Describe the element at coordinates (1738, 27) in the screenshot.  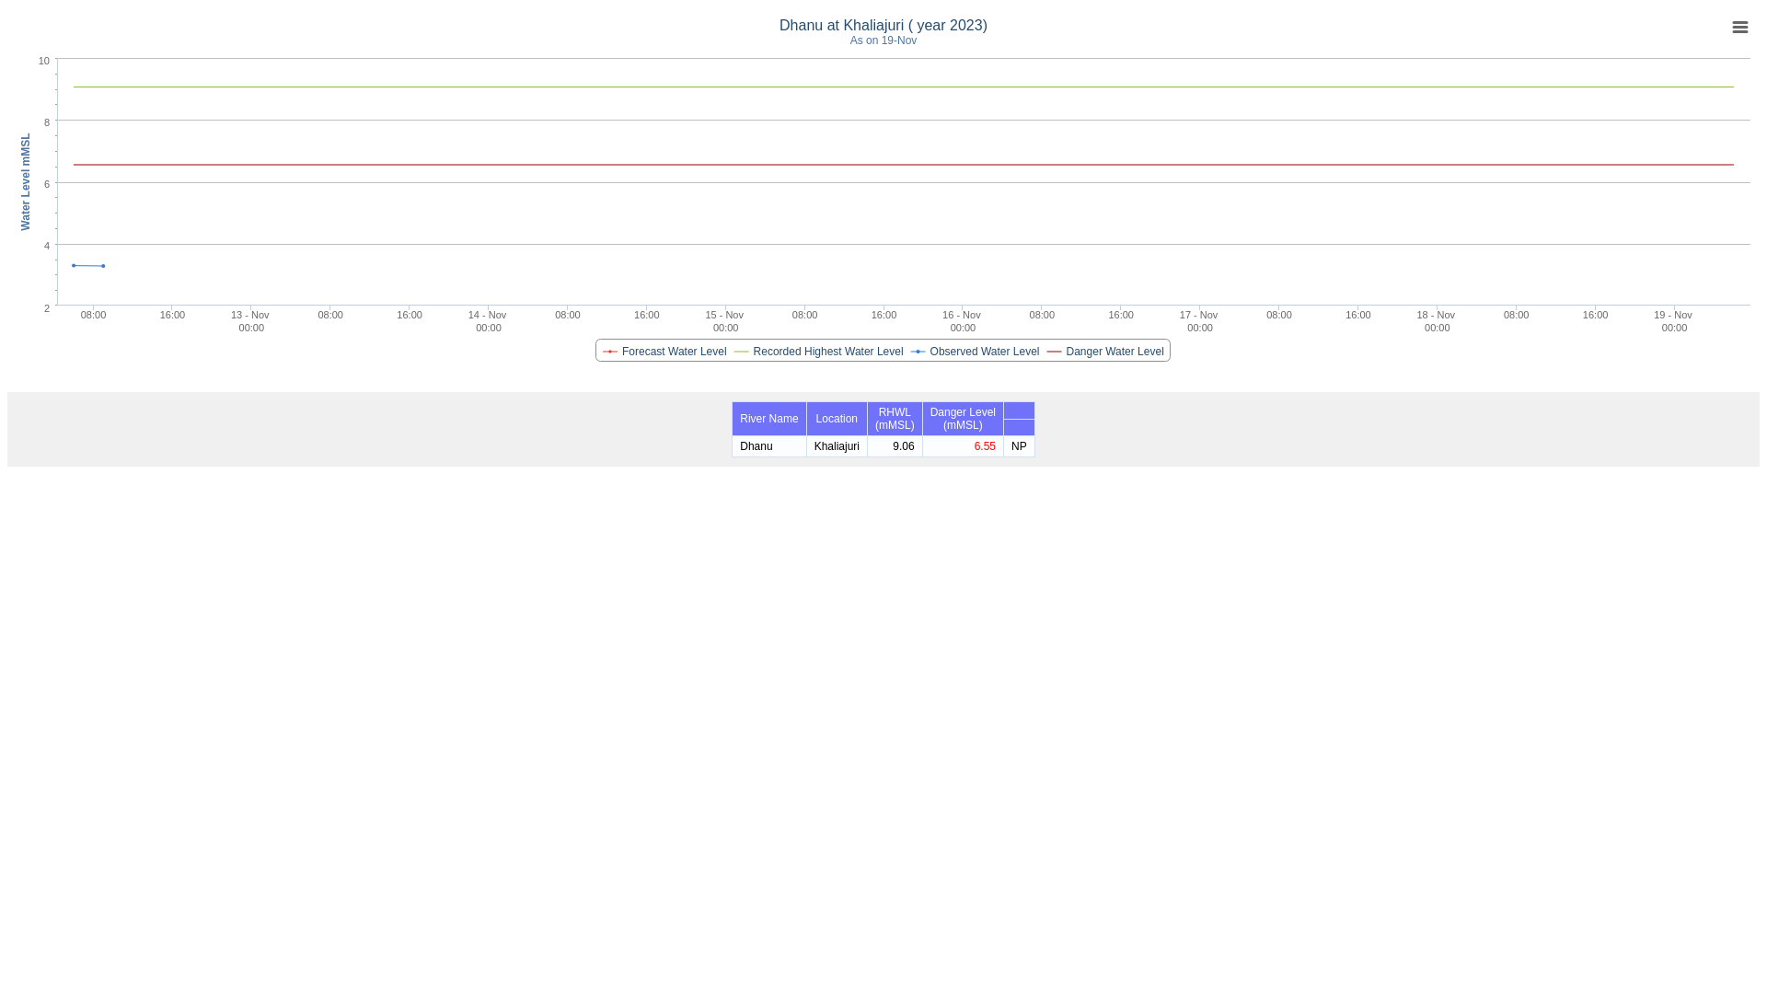
I see `'Chart context menu'` at that location.